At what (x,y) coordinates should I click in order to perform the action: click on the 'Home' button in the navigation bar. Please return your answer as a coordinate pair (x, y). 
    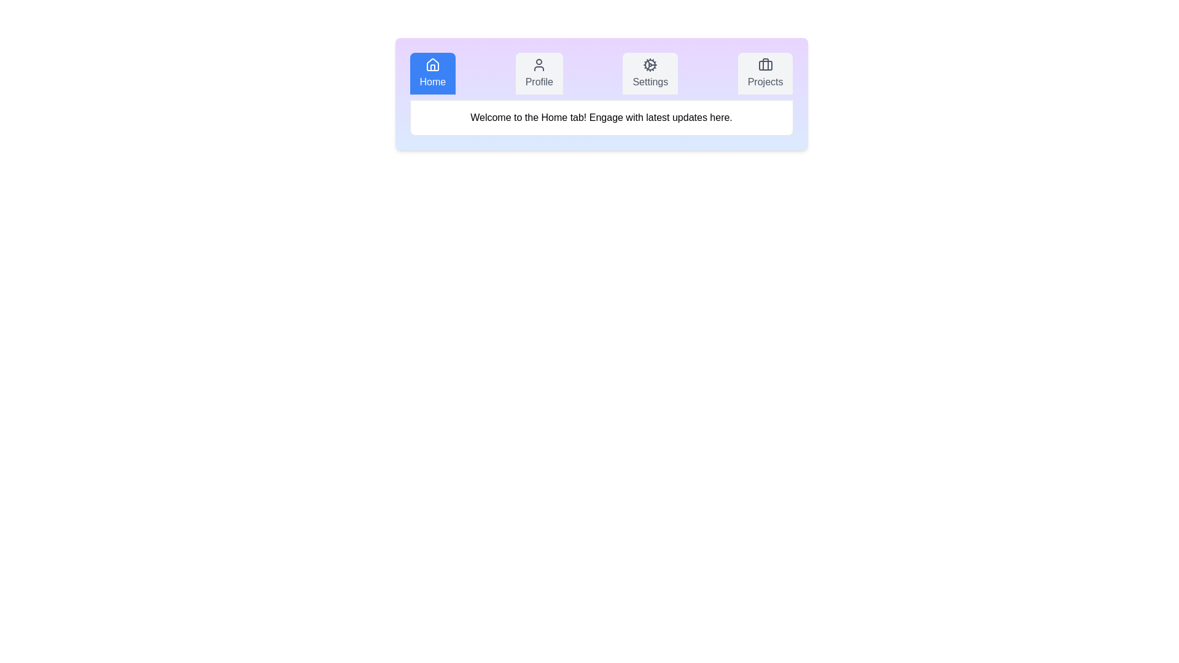
    Looking at the image, I should click on (432, 73).